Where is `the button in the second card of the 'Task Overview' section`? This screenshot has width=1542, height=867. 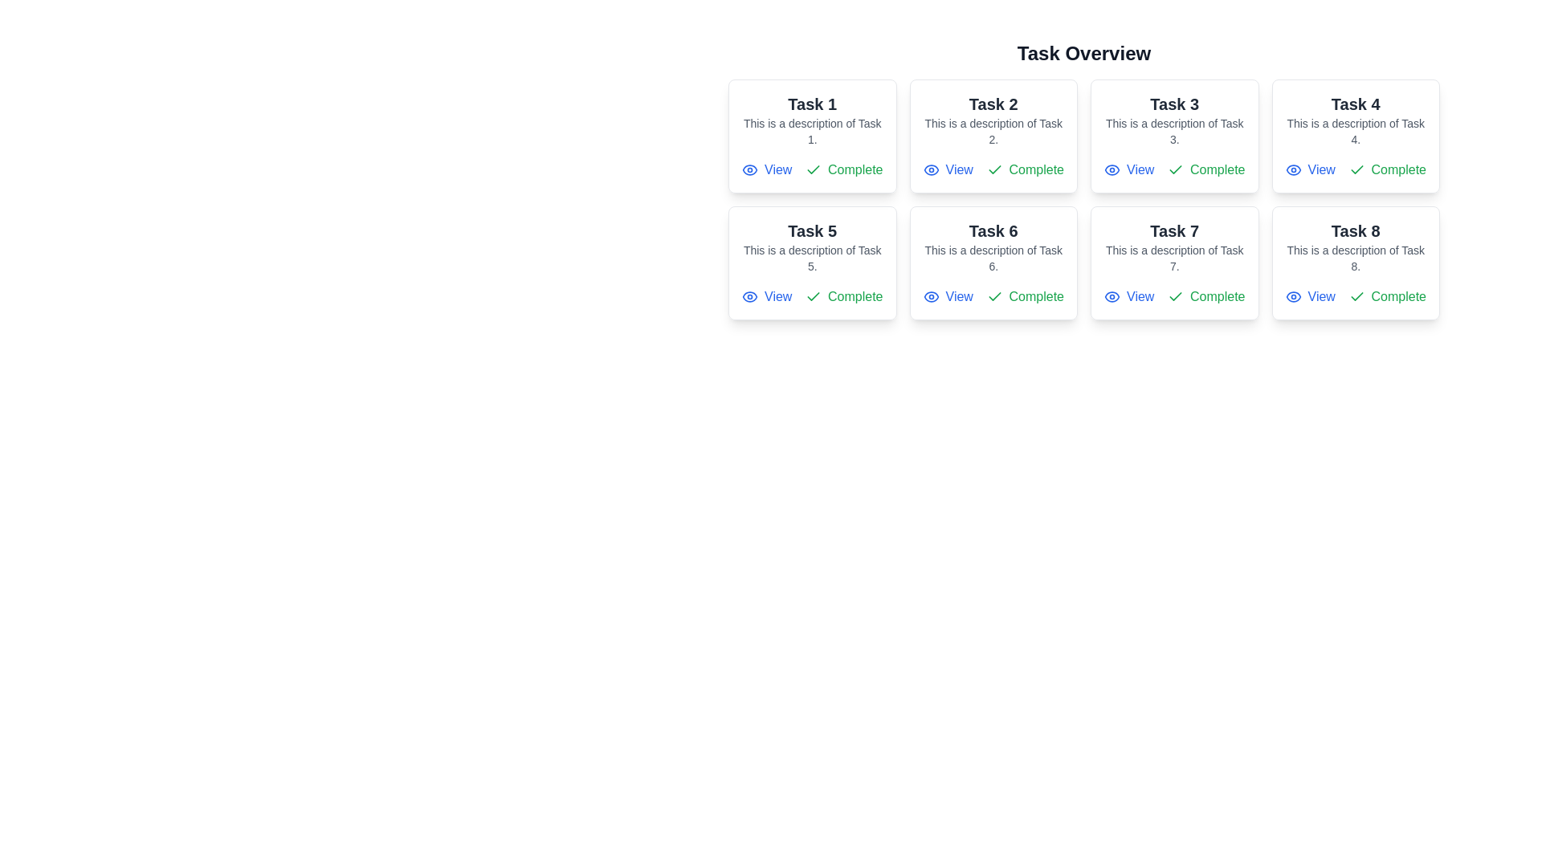
the button in the second card of the 'Task Overview' section is located at coordinates (948, 170).